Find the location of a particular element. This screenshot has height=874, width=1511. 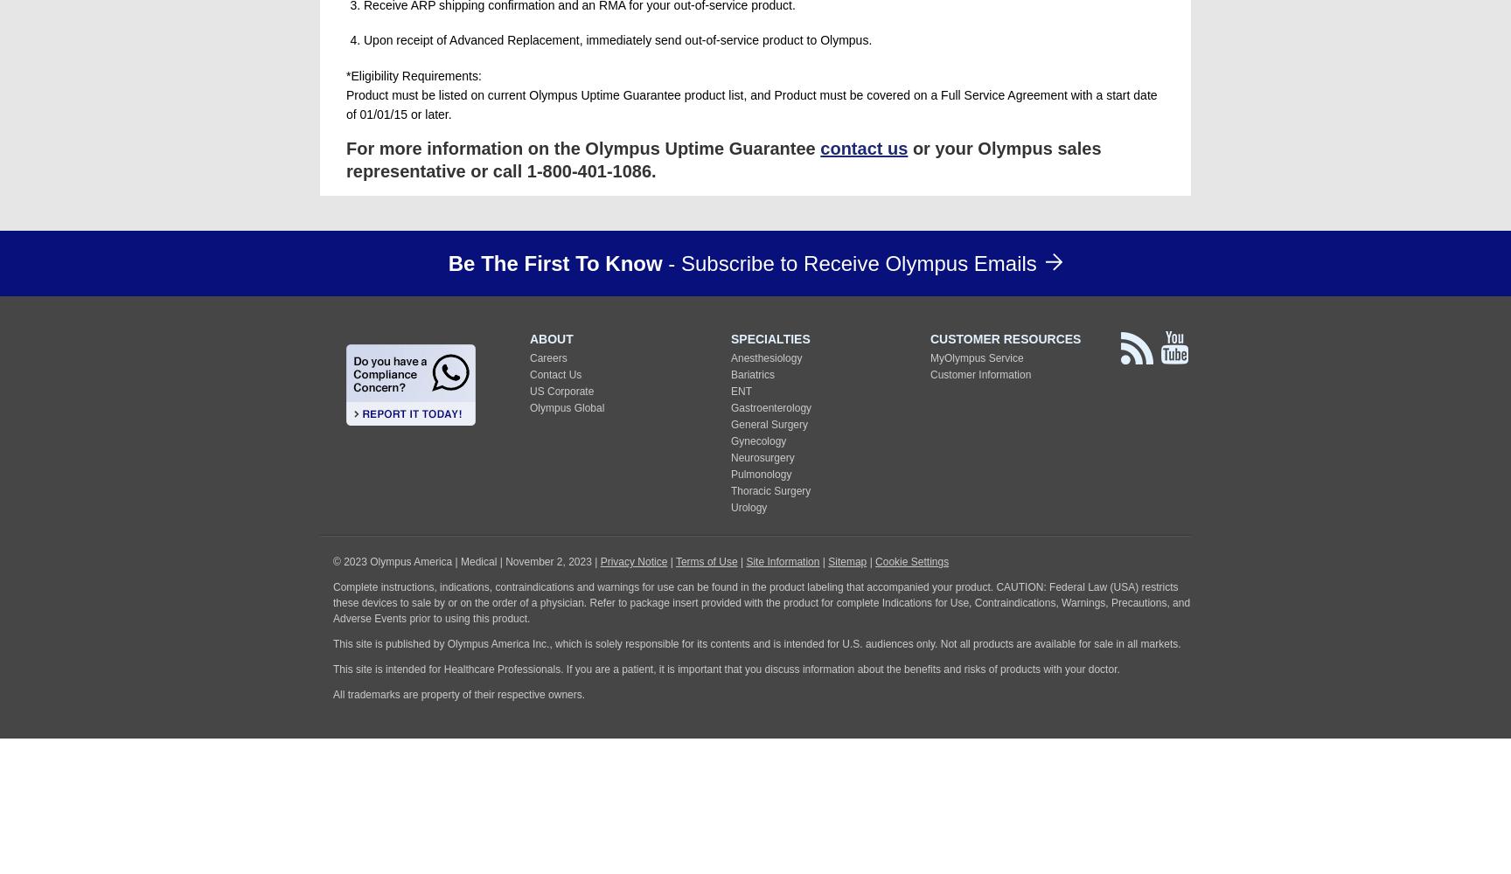

'All trademarks are property of their respective owners.' is located at coordinates (458, 695).